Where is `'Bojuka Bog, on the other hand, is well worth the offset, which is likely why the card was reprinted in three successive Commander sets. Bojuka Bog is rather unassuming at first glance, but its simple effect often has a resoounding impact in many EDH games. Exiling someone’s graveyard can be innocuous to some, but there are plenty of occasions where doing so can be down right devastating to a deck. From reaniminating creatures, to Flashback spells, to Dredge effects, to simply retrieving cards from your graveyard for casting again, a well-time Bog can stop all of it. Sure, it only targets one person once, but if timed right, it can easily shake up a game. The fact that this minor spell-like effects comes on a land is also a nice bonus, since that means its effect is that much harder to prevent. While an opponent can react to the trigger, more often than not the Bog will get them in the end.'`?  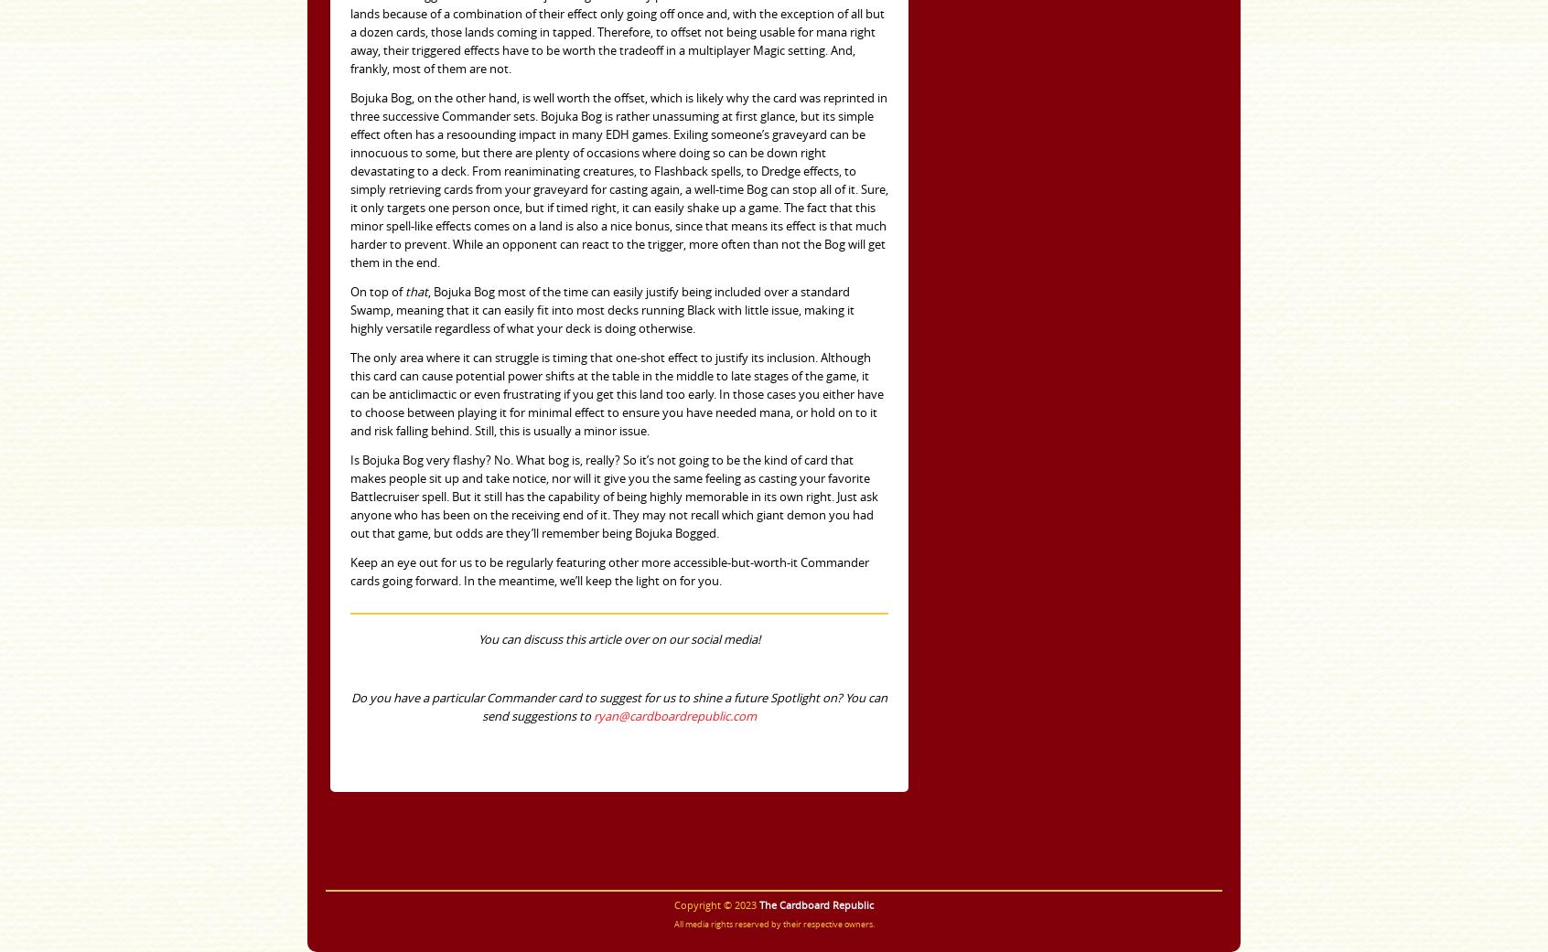 'Bojuka Bog, on the other hand, is well worth the offset, which is likely why the card was reprinted in three successive Commander sets. Bojuka Bog is rather unassuming at first glance, but its simple effect often has a resoounding impact in many EDH games. Exiling someone’s graveyard can be innocuous to some, but there are plenty of occasions where doing so can be down right devastating to a deck. From reaniminating creatures, to Flashback spells, to Dredge effects, to simply retrieving cards from your graveyard for casting again, a well-time Bog can stop all of it. Sure, it only targets one person once, but if timed right, it can easily shake up a game. The fact that this minor spell-like effects comes on a land is also a nice bonus, since that means its effect is that much harder to prevent. While an opponent can react to the trigger, more often than not the Bog will get them in the end.' is located at coordinates (618, 180).